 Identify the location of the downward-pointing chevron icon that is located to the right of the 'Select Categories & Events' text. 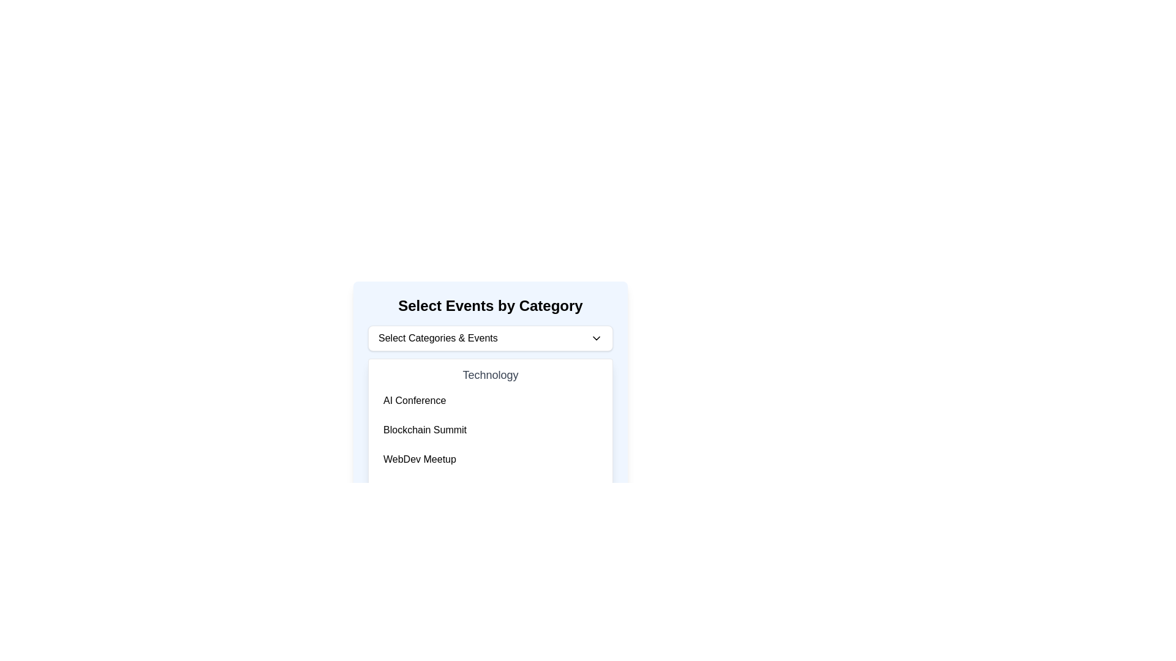
(597, 338).